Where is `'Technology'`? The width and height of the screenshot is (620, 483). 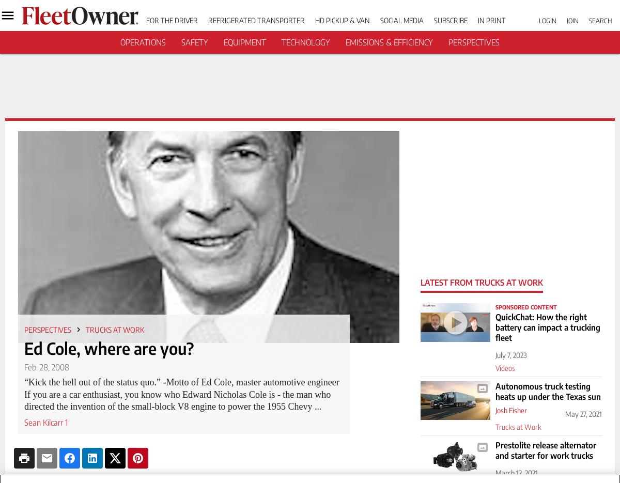 'Technology' is located at coordinates (305, 42).